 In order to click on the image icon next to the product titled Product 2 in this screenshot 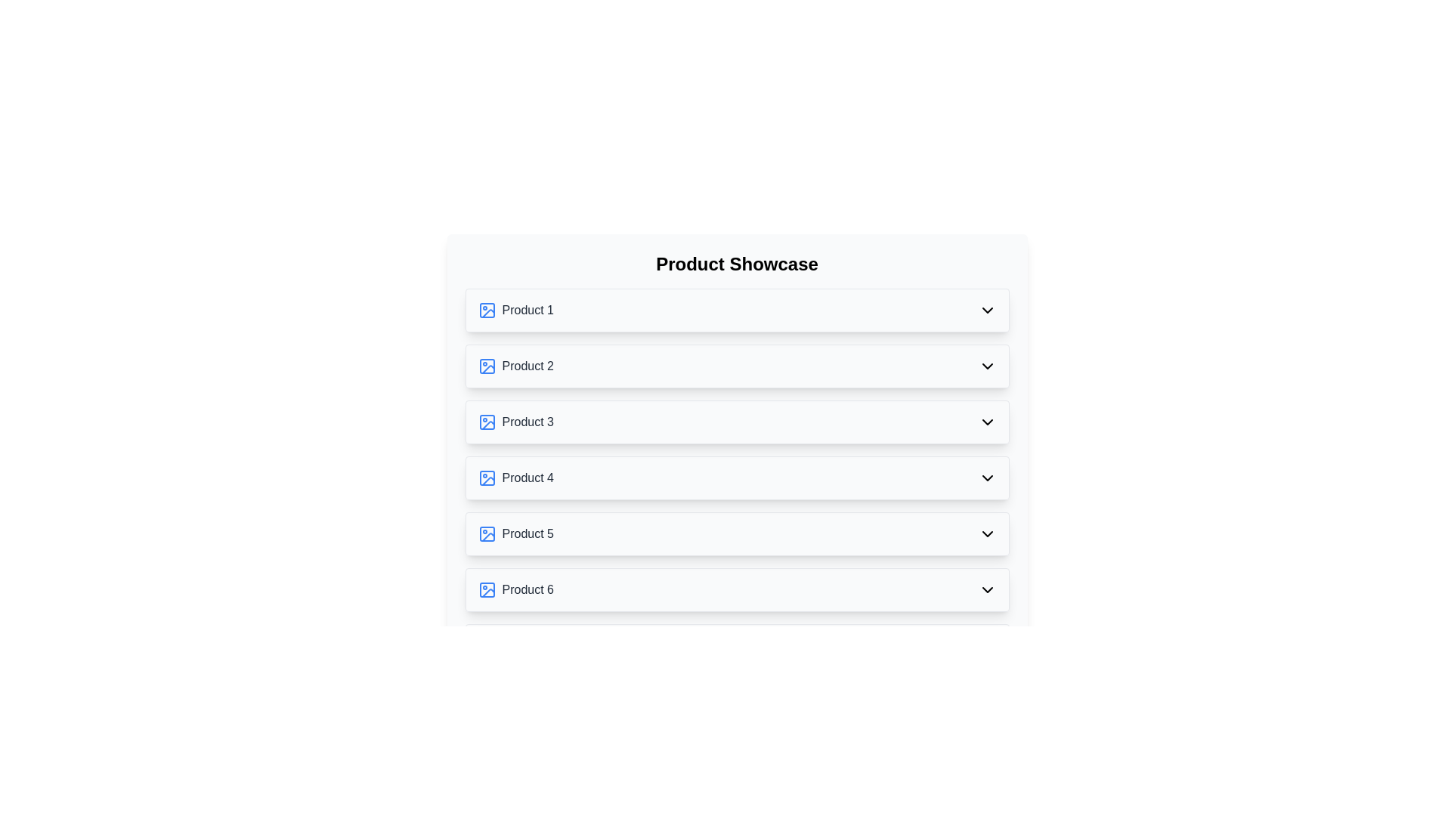, I will do `click(487, 366)`.